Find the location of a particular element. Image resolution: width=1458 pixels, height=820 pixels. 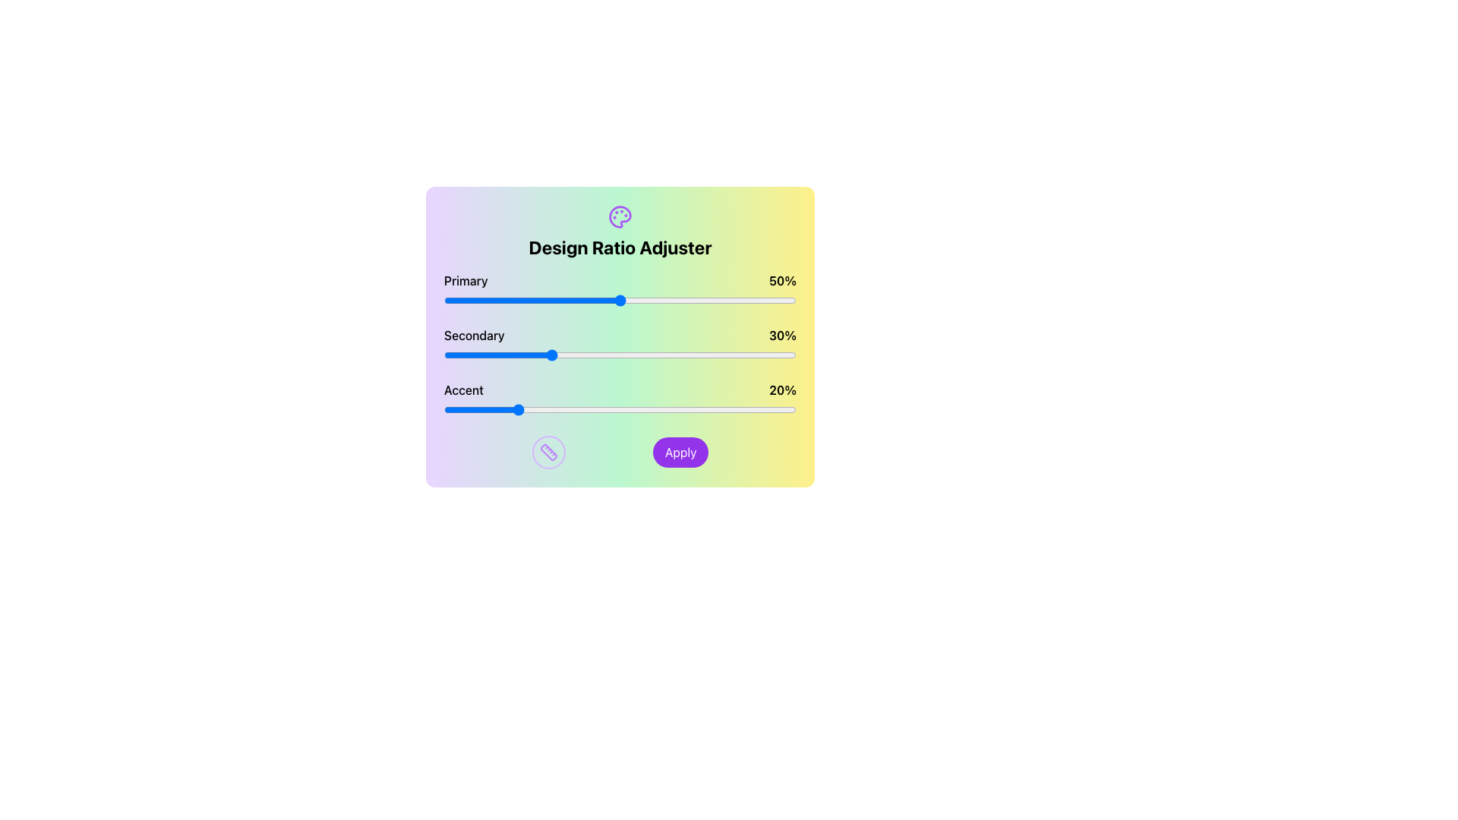

the artistic design icon located at the center-top of the gradient background box, directly above the 'Design Ratio Adjuster' heading is located at coordinates (620, 216).